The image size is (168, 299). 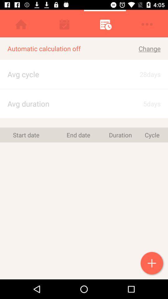 I want to click on the icon next to the avg cycle icon, so click(x=144, y=104).